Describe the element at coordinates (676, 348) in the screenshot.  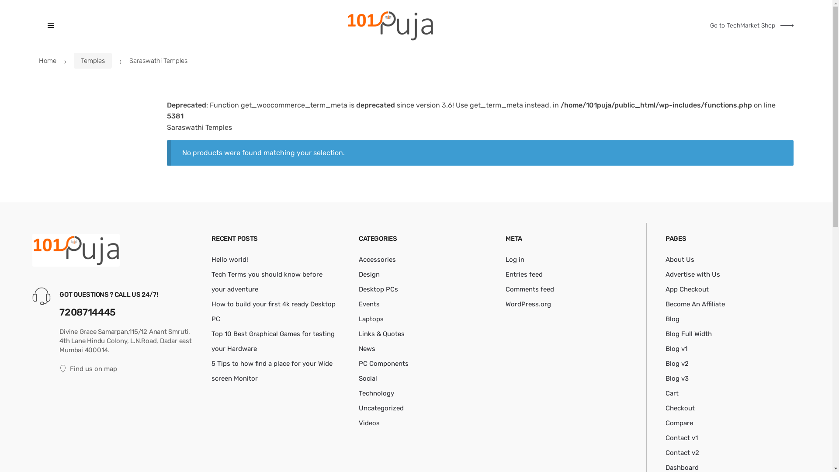
I see `'Blog v1'` at that location.